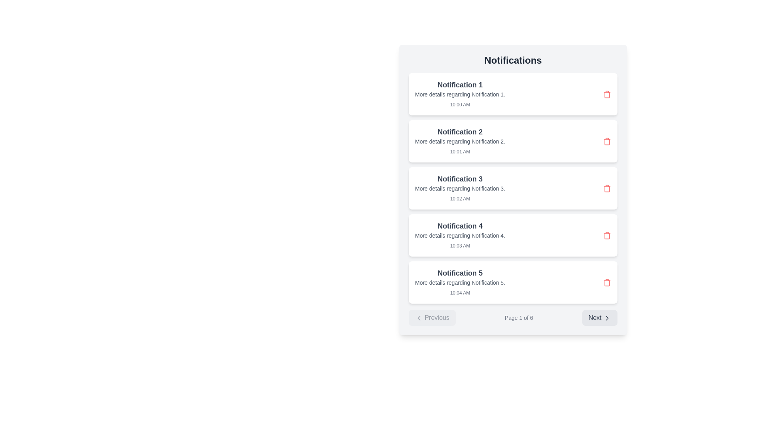 The image size is (759, 427). I want to click on the fifth notification entry in the list that contains a title, brief description, and timestamp, located between 'Notification 4' and the 'Next' button, so click(460, 282).